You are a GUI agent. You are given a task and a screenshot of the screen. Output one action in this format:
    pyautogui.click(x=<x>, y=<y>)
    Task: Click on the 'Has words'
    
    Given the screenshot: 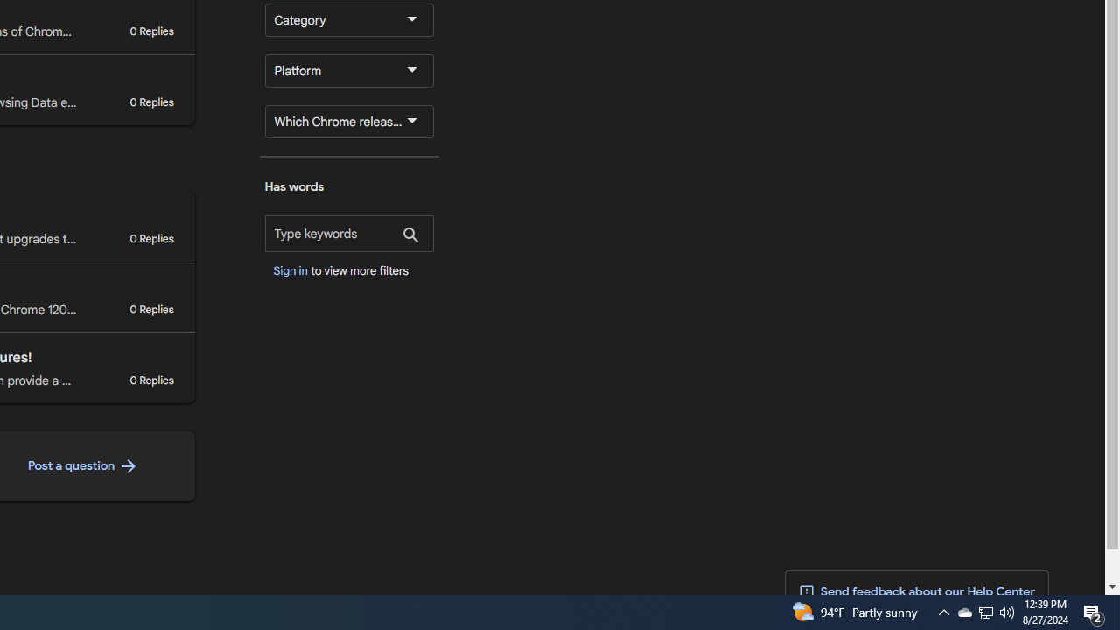 What is the action you would take?
    pyautogui.click(x=349, y=233)
    